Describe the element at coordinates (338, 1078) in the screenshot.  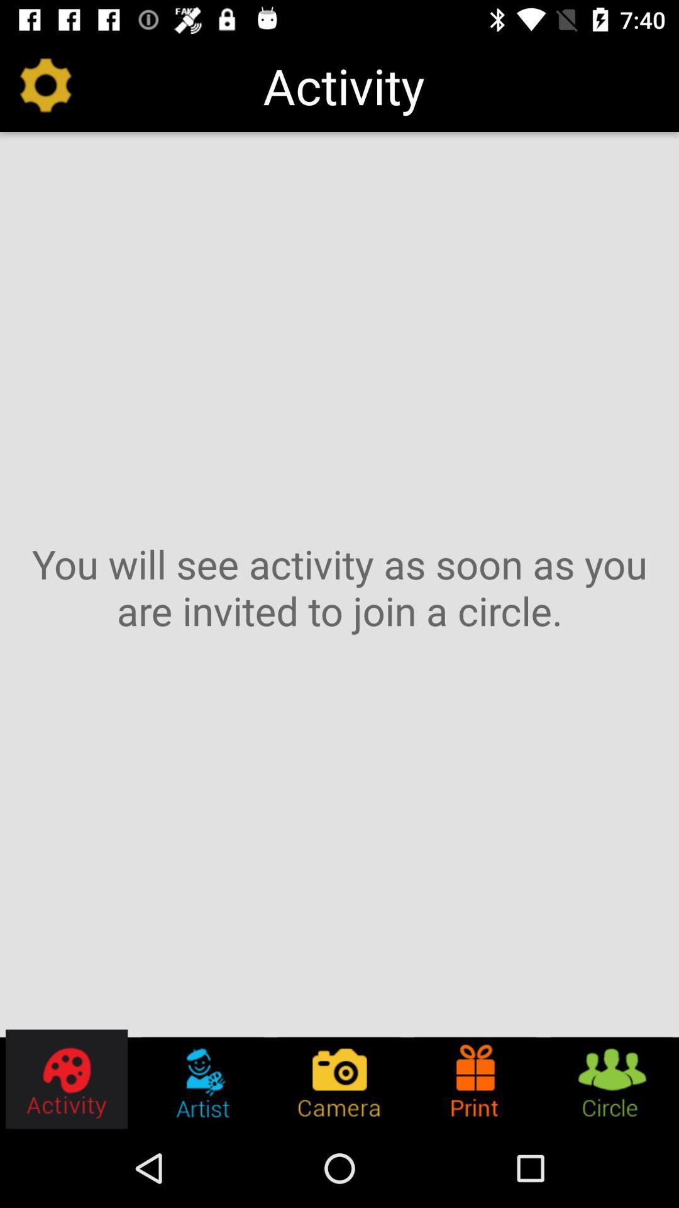
I see `the icon below you will see item` at that location.